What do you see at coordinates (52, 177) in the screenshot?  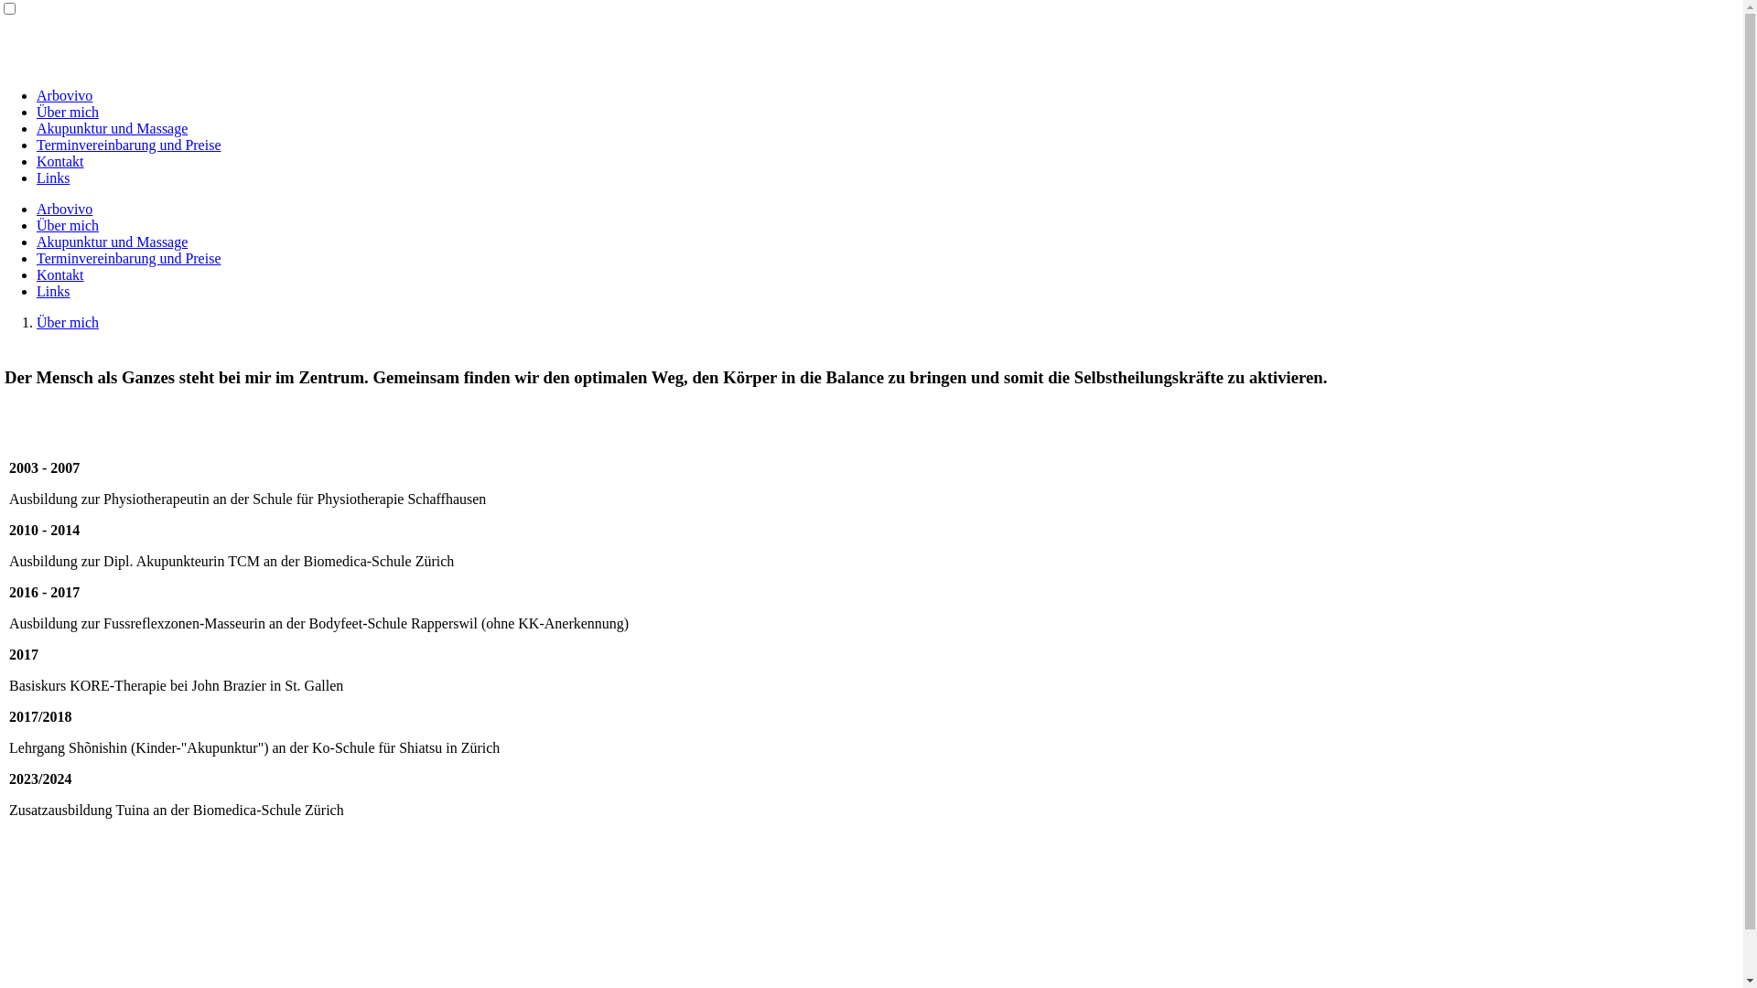 I see `'Links'` at bounding box center [52, 177].